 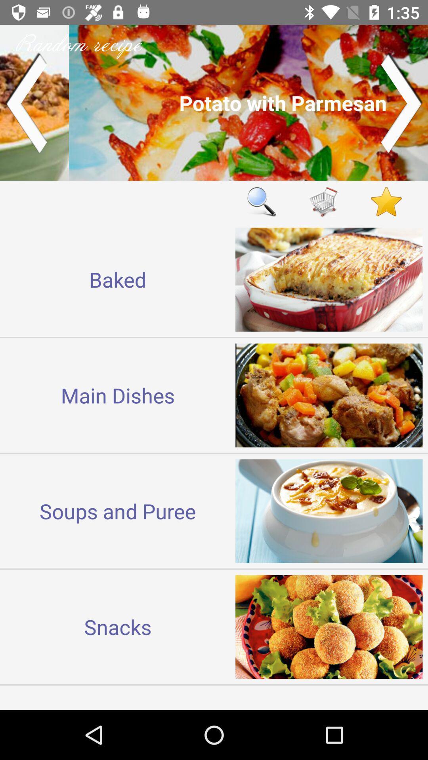 I want to click on previous photo, so click(x=25, y=102).